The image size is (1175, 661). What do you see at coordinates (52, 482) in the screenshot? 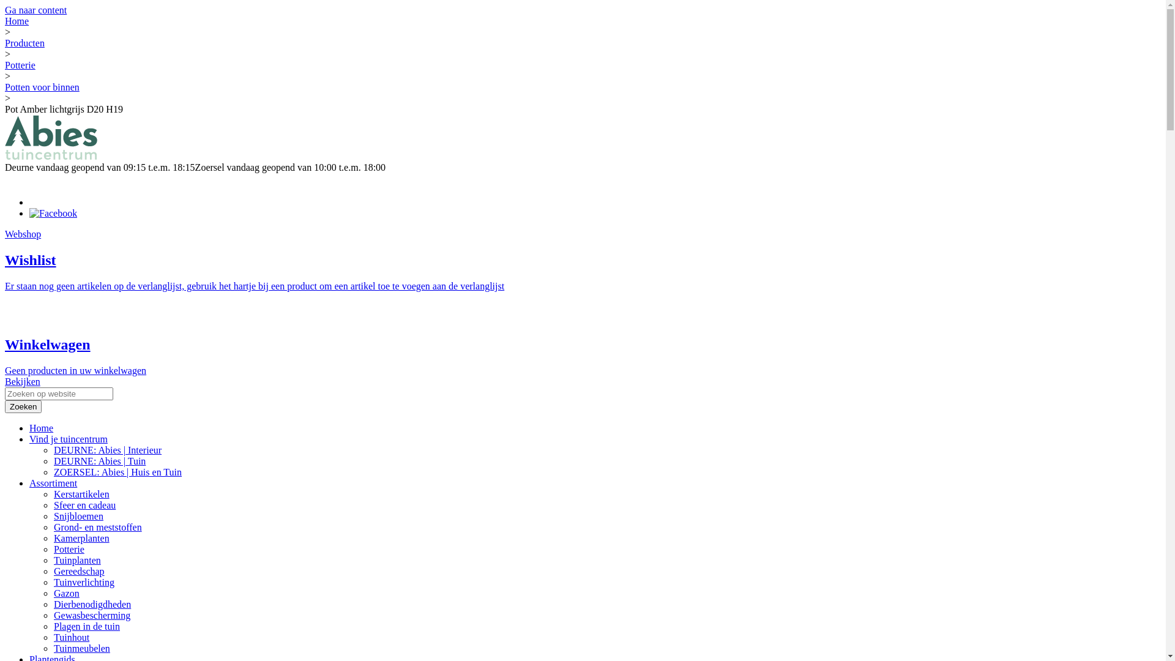
I see `'Assortiment'` at bounding box center [52, 482].